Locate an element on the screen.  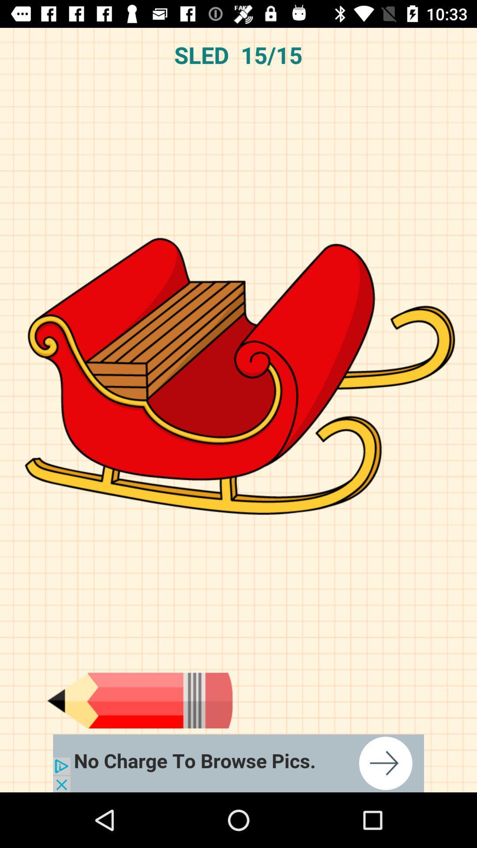
draw is located at coordinates (139, 700).